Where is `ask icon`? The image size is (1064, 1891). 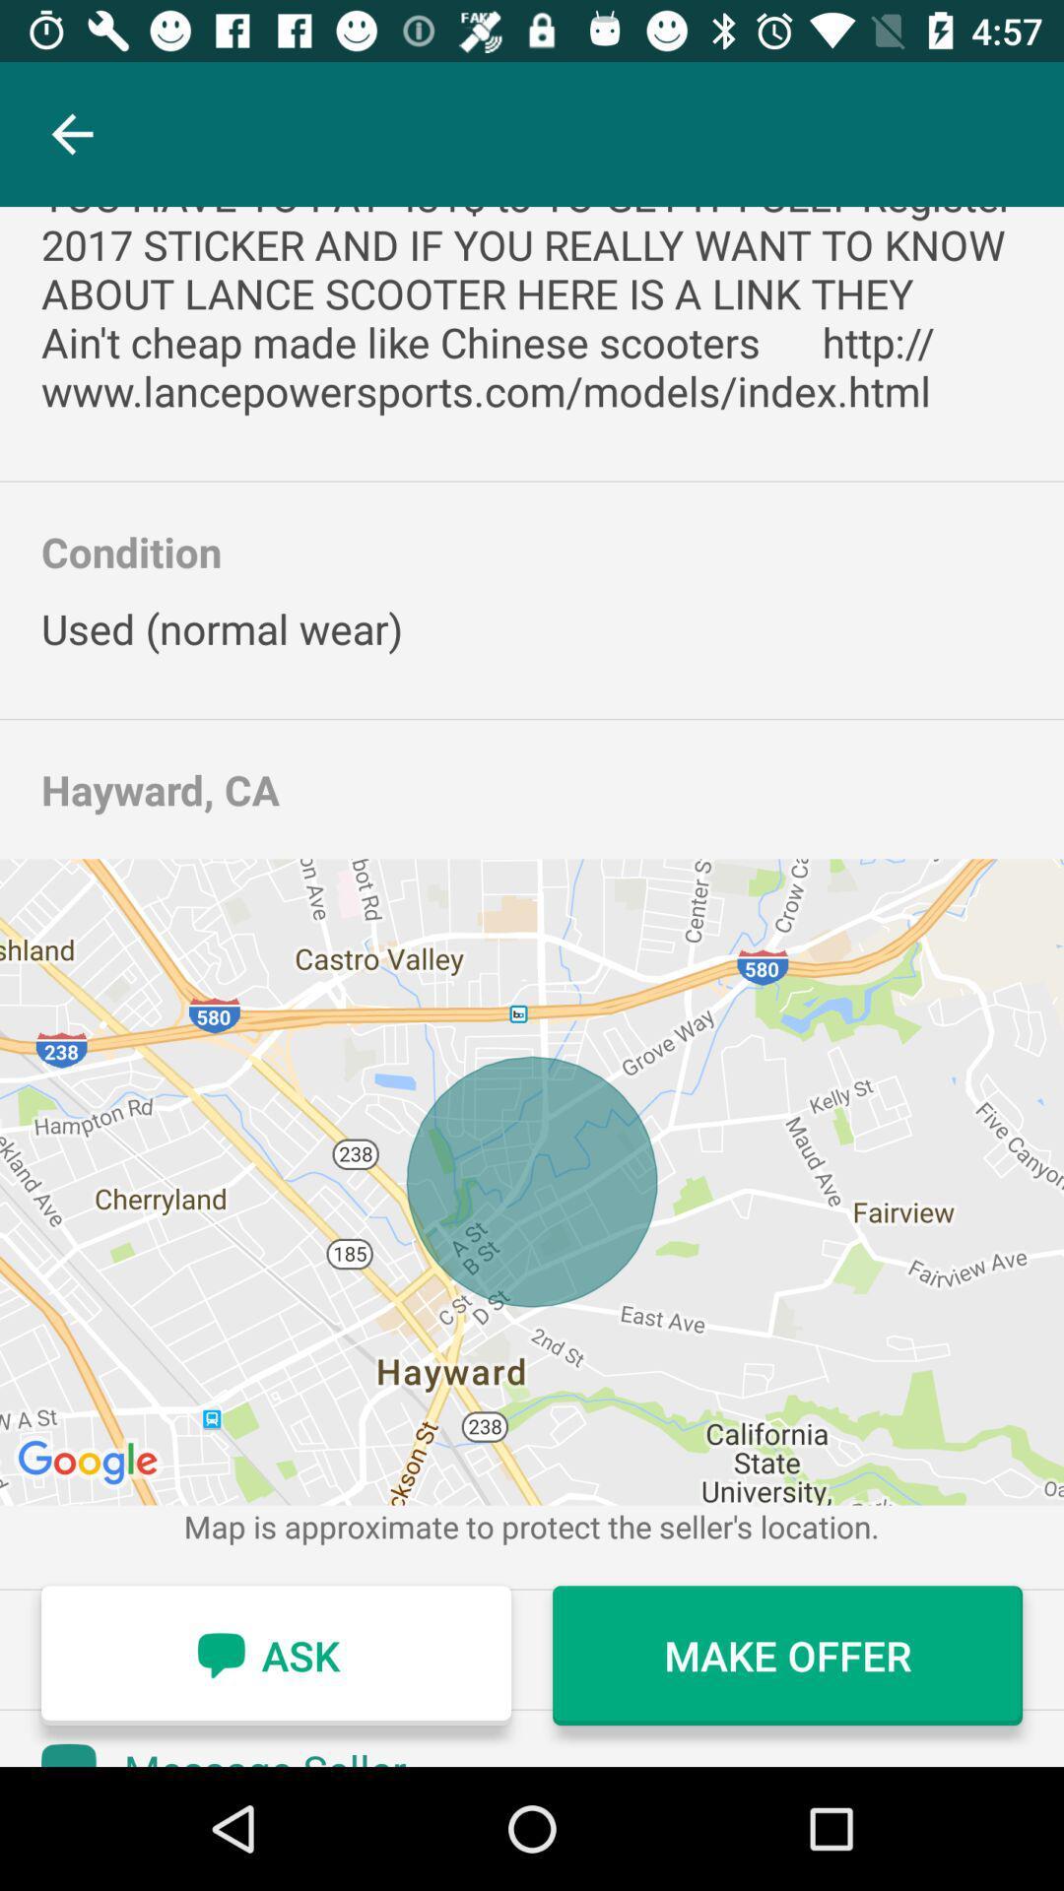
ask icon is located at coordinates (276, 1655).